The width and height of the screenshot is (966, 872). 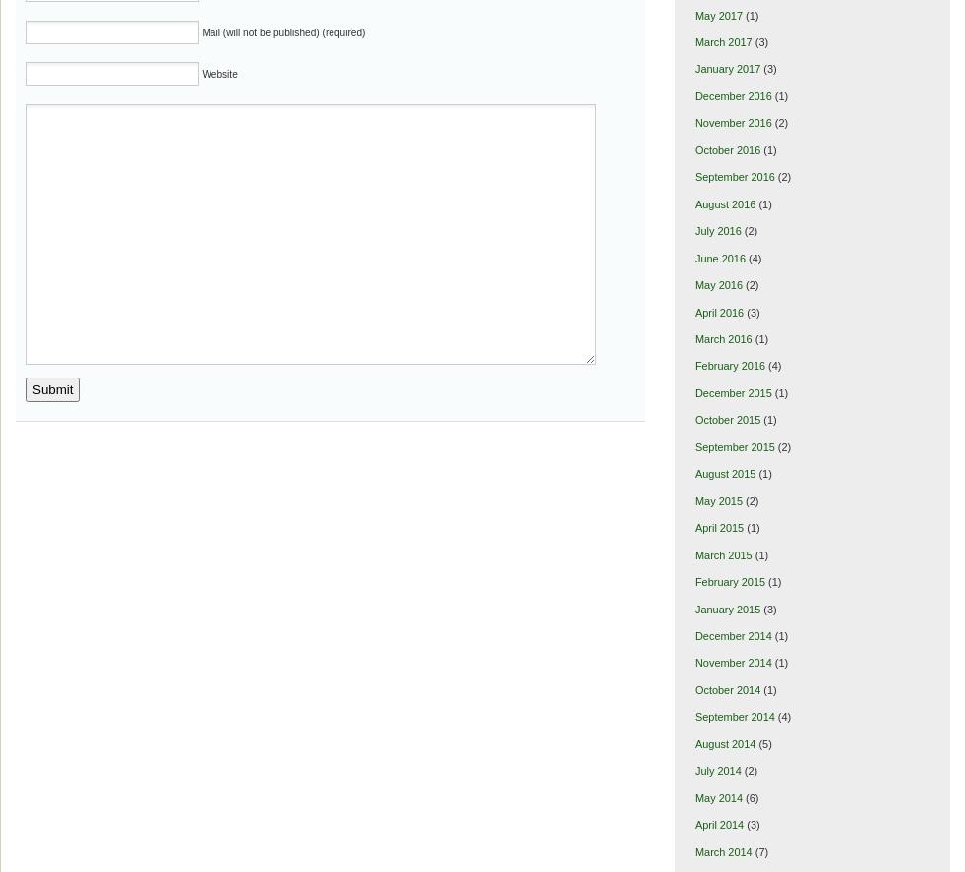 I want to click on 'December 2014', so click(x=733, y=634).